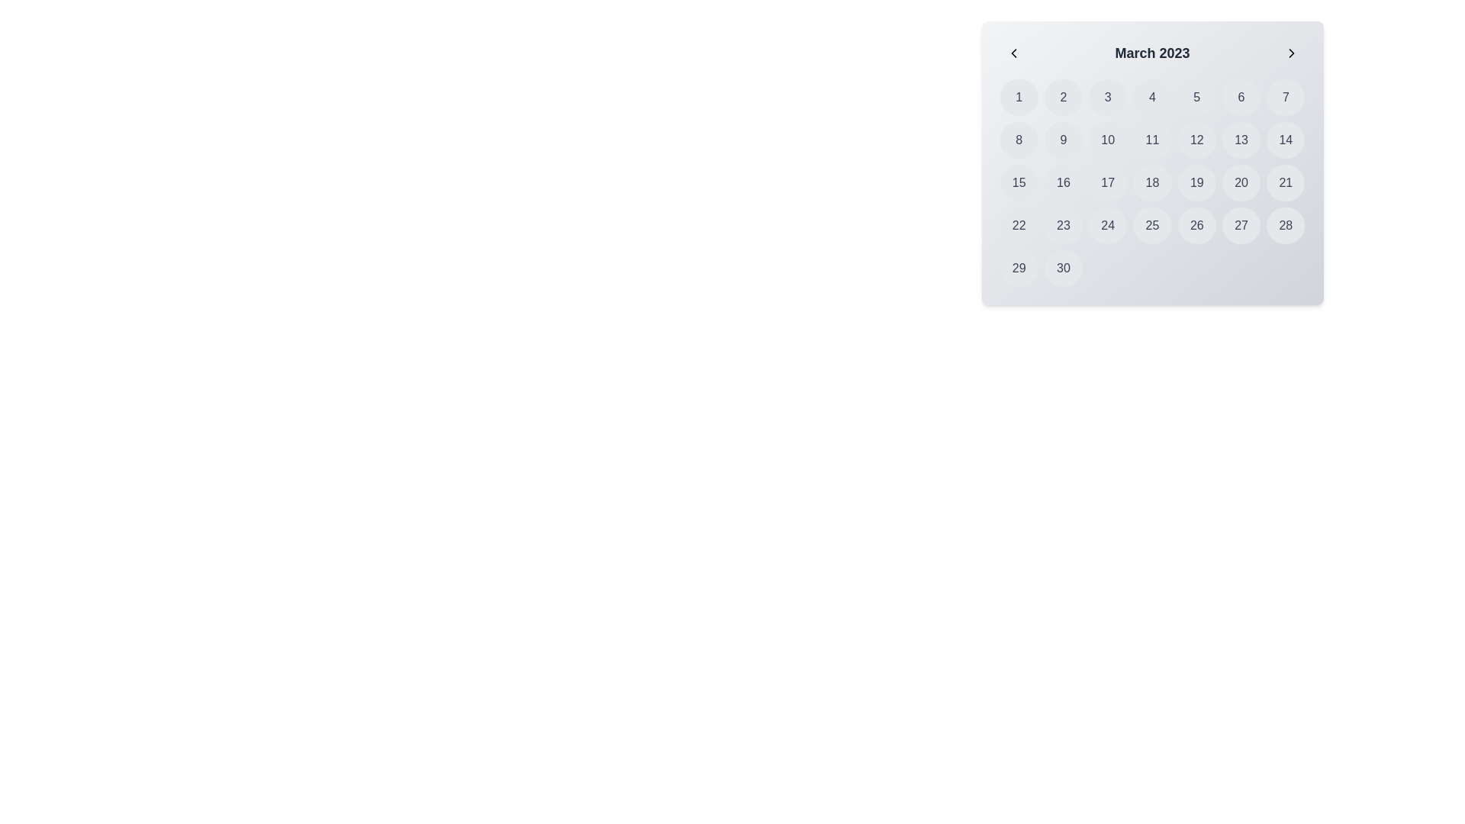 This screenshot has width=1465, height=824. What do you see at coordinates (1290, 52) in the screenshot?
I see `keyboard navigation` at bounding box center [1290, 52].